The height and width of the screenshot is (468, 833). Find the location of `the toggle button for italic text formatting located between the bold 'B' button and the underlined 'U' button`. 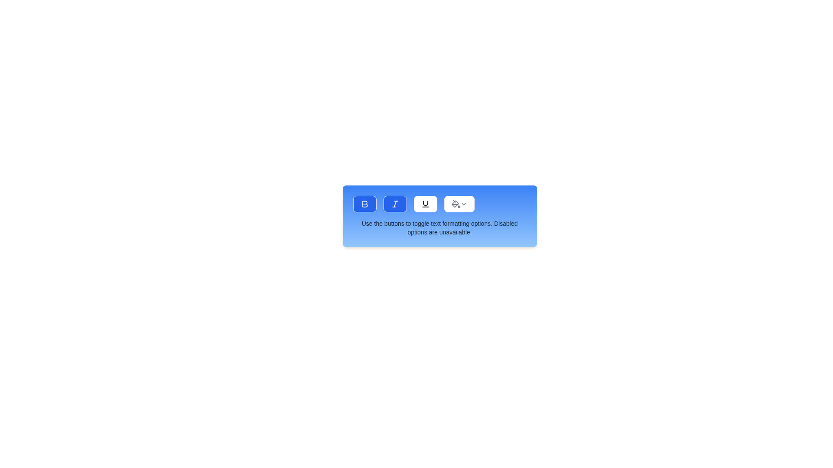

the toggle button for italic text formatting located between the bold 'B' button and the underlined 'U' button is located at coordinates (394, 204).